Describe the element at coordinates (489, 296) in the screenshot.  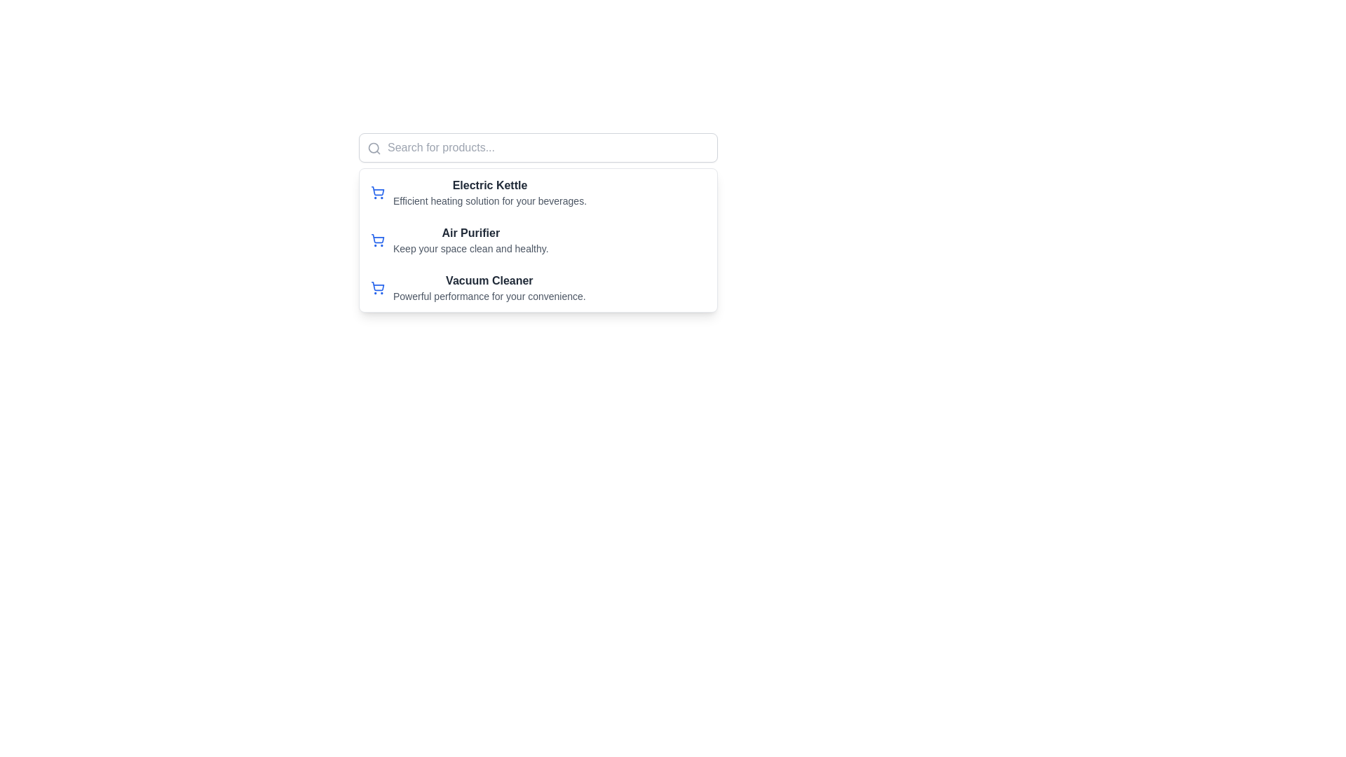
I see `the text label providing descriptive information about the product titled 'Vacuum Cleaner', located below its title in the product list` at that location.